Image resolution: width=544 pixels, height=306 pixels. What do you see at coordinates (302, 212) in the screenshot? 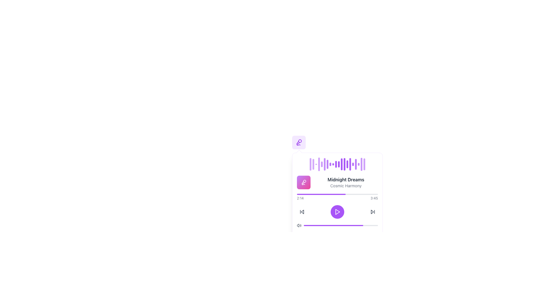
I see `the 'previous' button located in the lower right quadrant of the media player interface` at bounding box center [302, 212].